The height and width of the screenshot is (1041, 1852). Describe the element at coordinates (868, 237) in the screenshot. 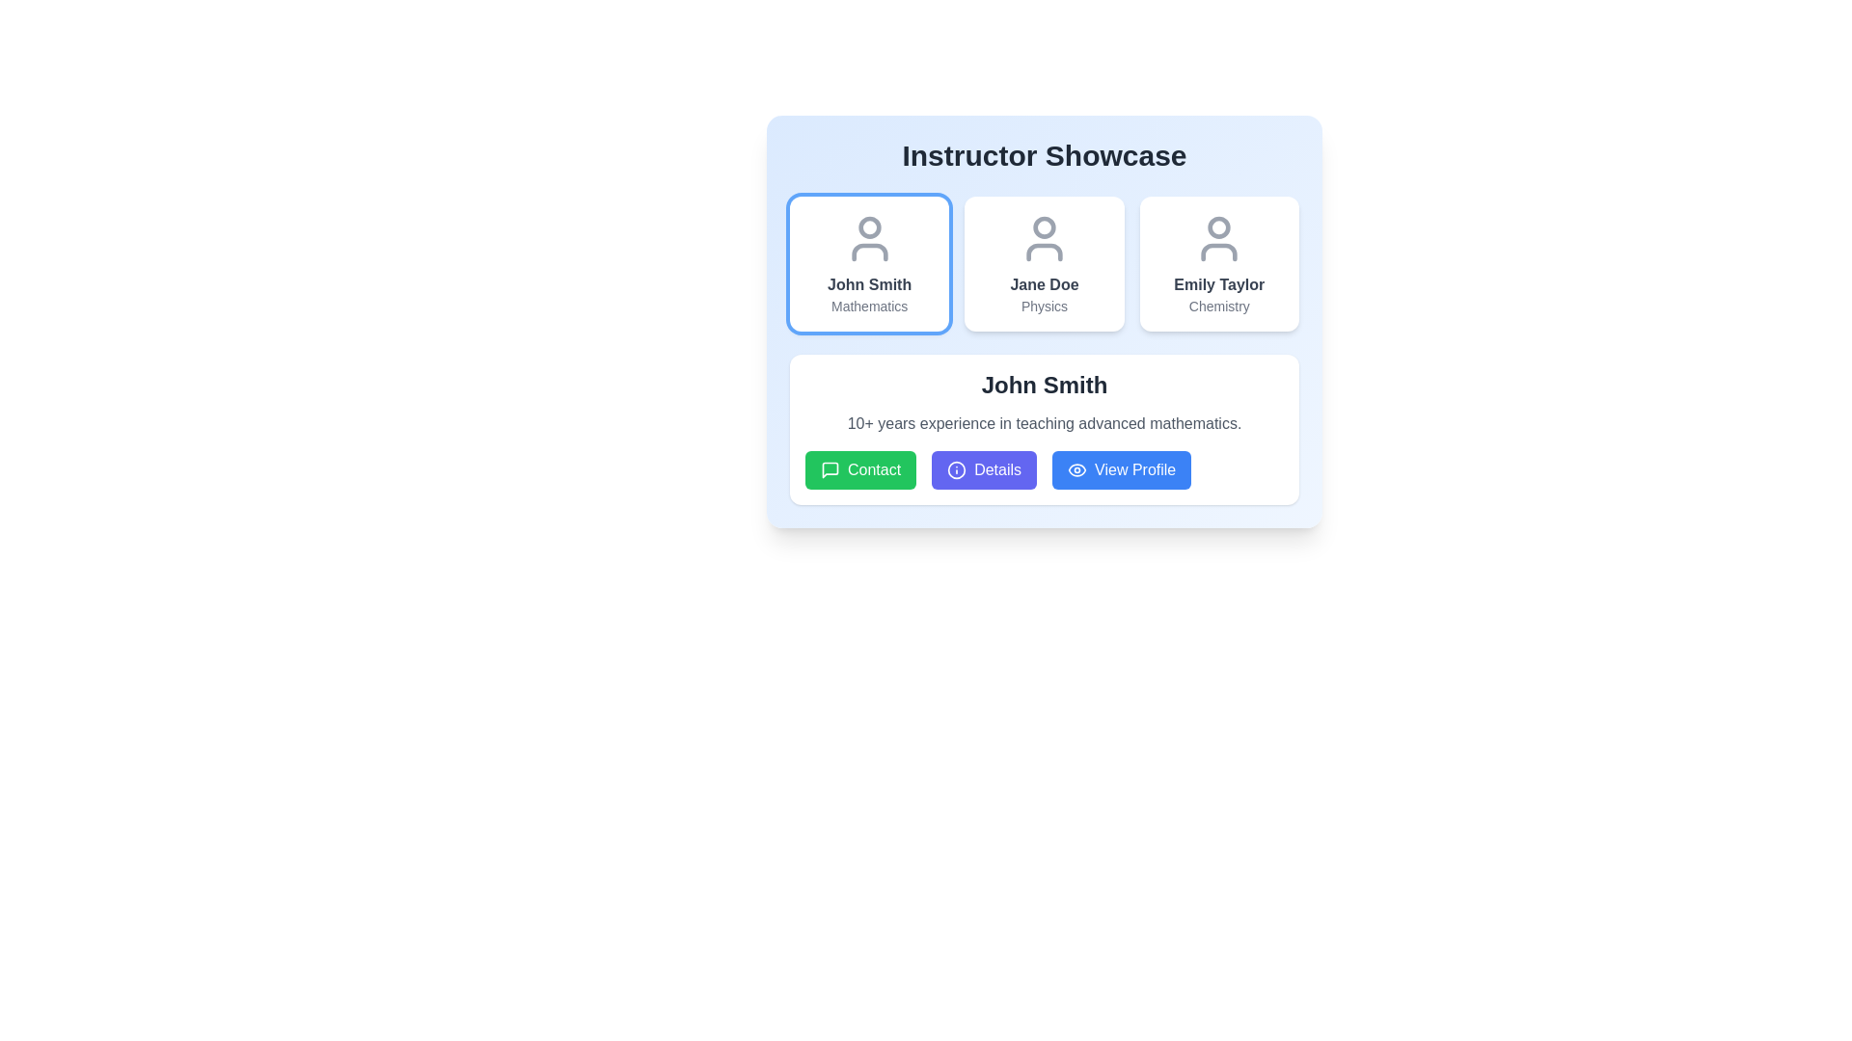

I see `the user profile icon representing 'John Smith' located at the center top of the profile card box under the 'Instructor Showcase' header` at that location.